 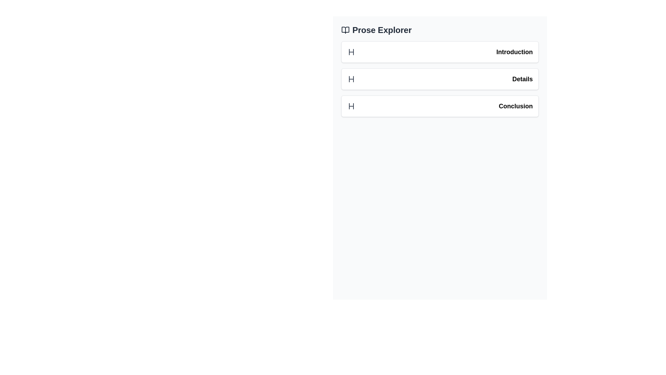 I want to click on text label located at the bottom of a vertically stacked list, aligned to the right, below the 'Introduction' and 'Details' labels, so click(x=516, y=106).